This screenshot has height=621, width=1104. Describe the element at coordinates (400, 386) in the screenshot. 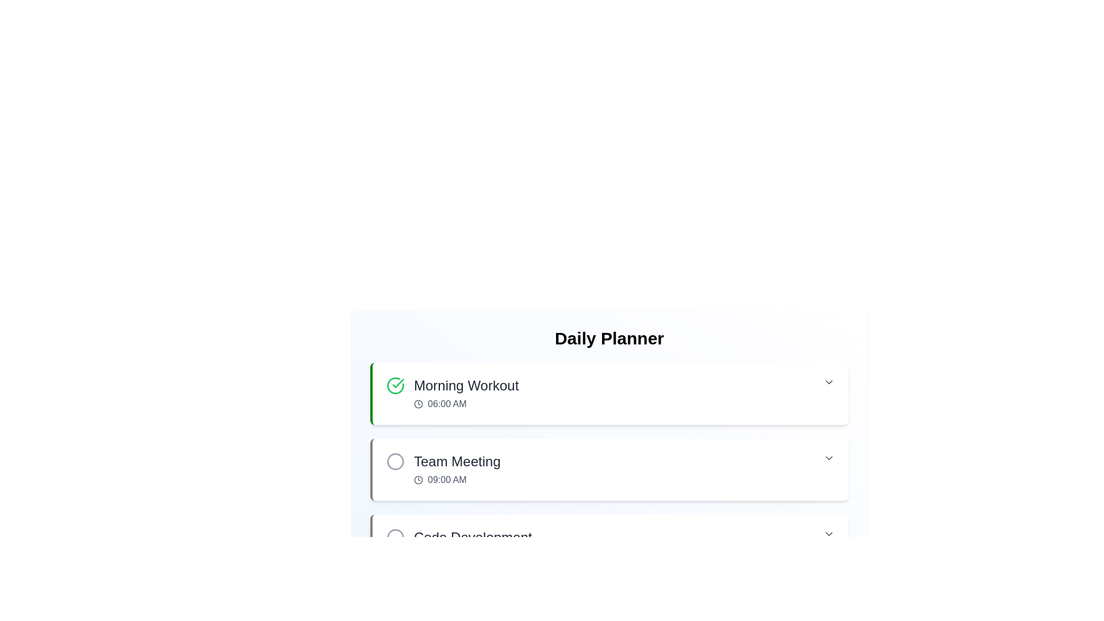

I see `the circular status indicator icon with a green border and checkmark, located to the left of the 'Morning Workout' text within the event details card` at that location.